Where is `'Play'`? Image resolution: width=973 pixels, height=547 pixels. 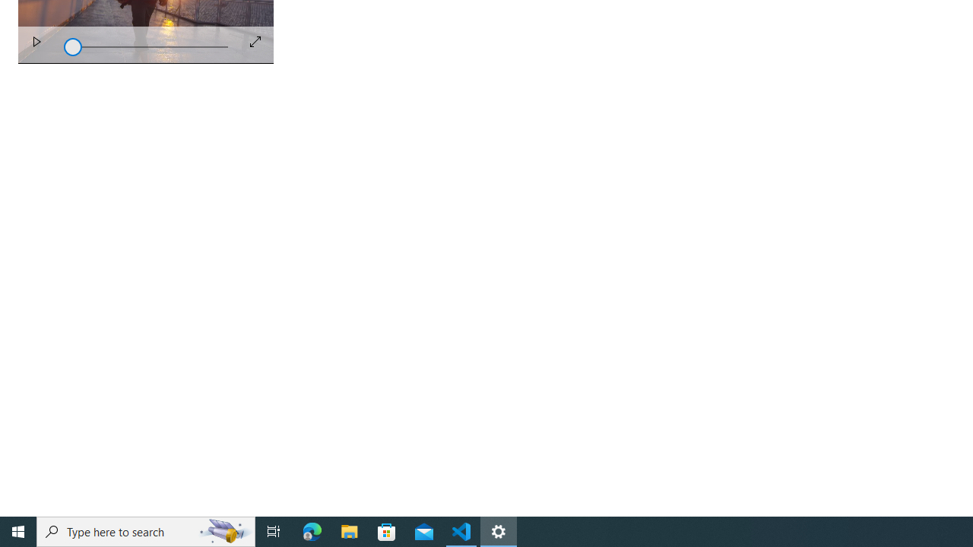
'Play' is located at coordinates (36, 44).